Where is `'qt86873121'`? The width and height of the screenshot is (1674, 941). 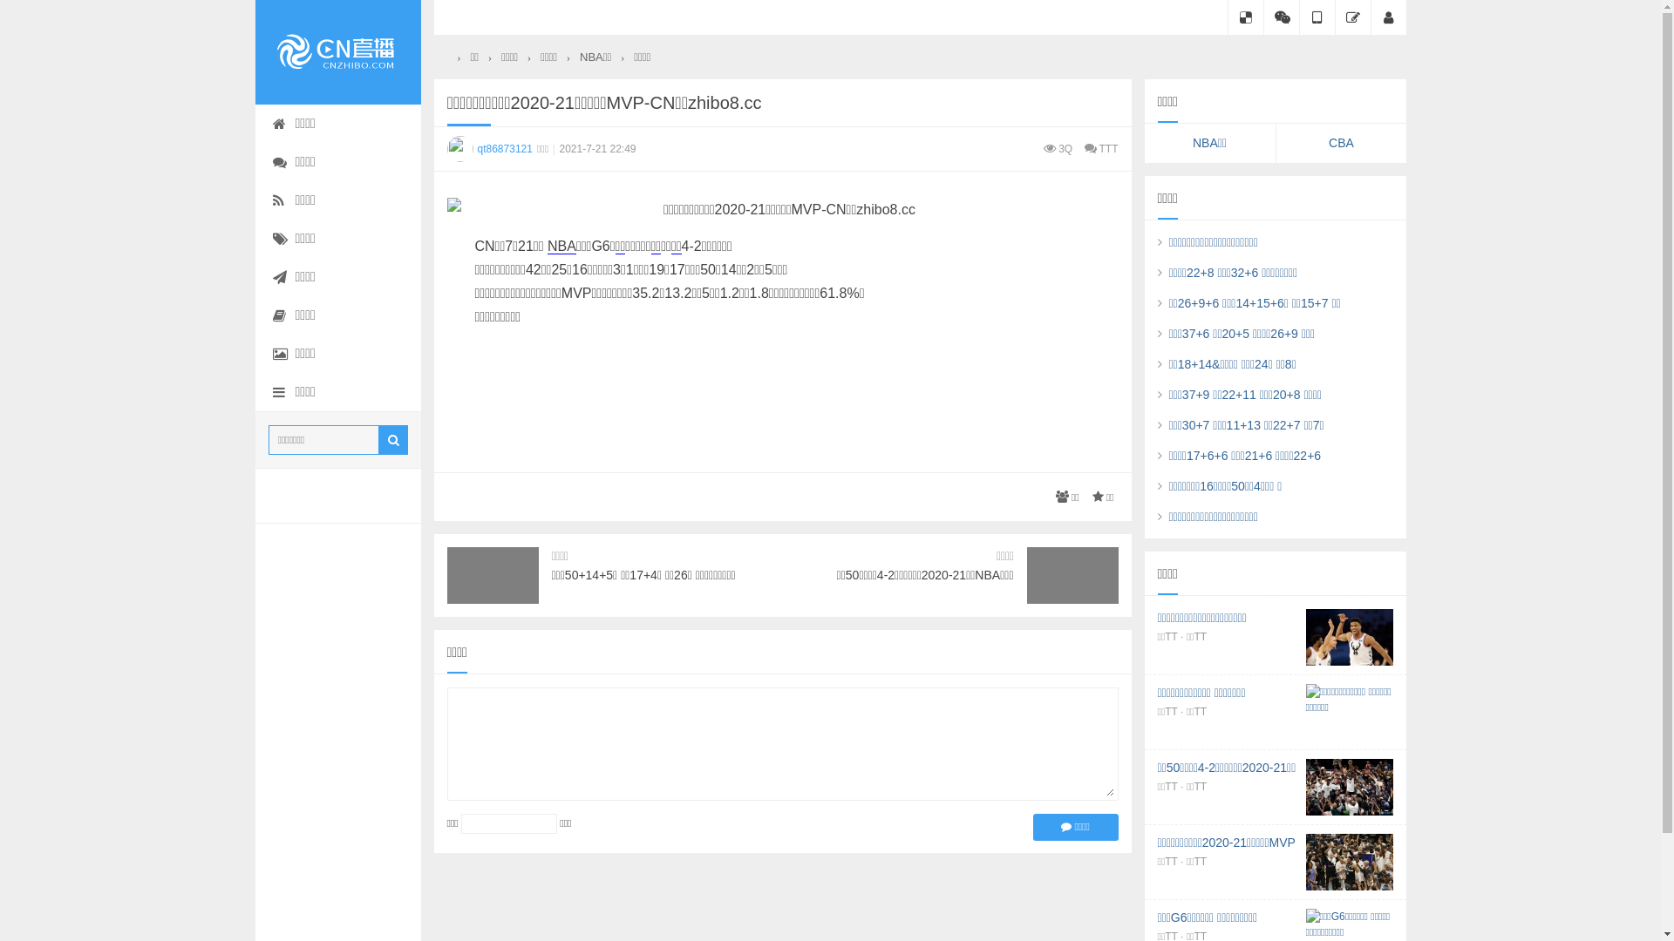
'qt86873121' is located at coordinates (446, 147).